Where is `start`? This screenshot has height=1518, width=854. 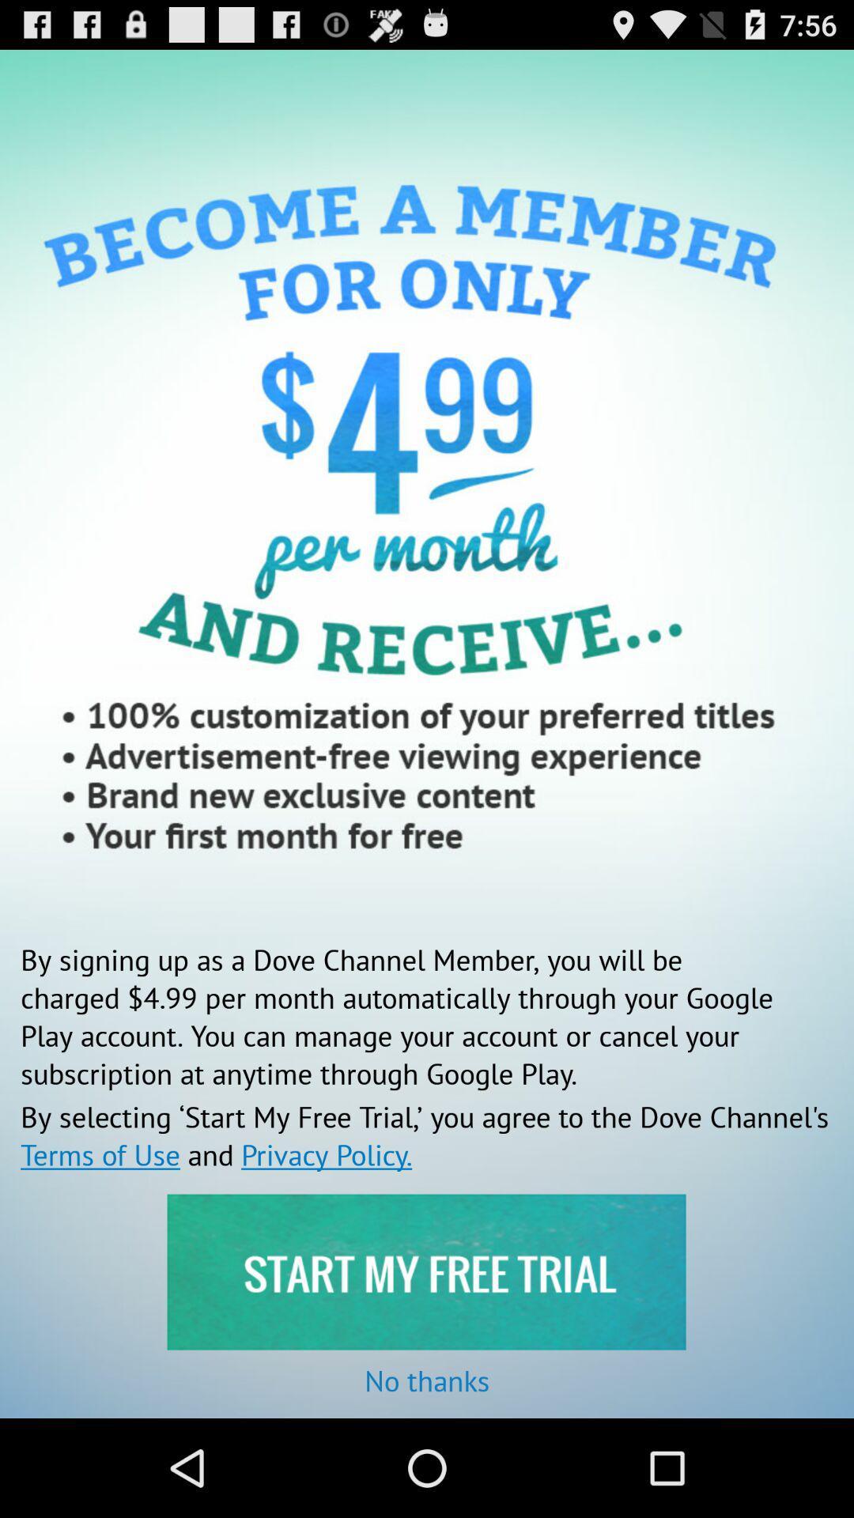
start is located at coordinates (425, 1272).